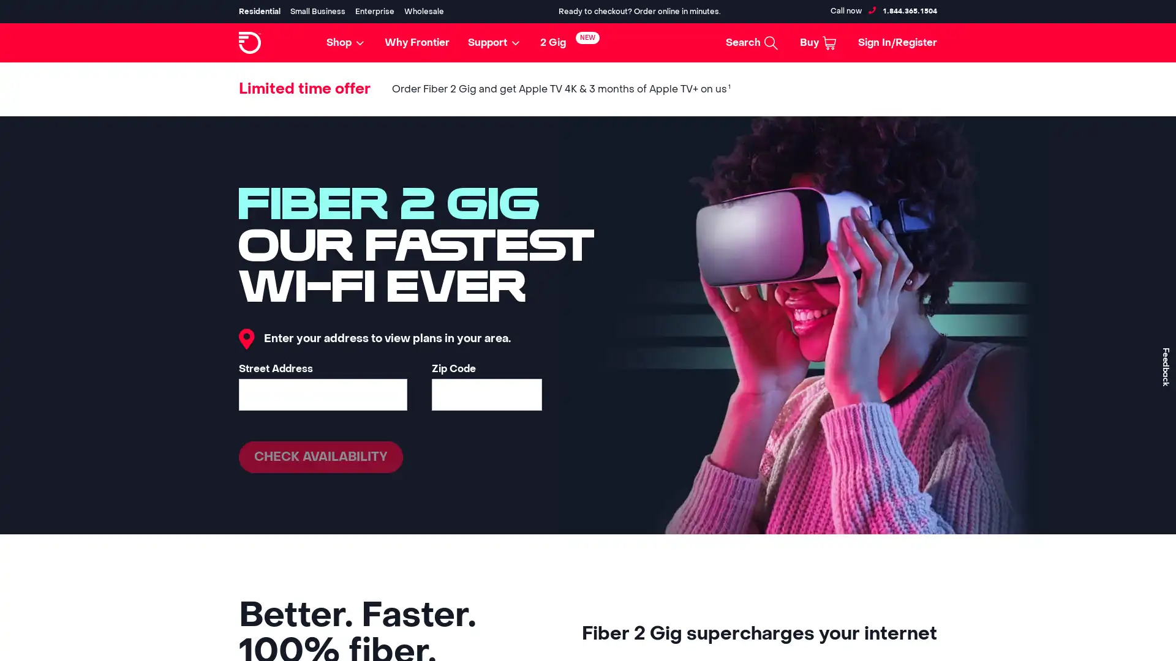 The image size is (1176, 661). What do you see at coordinates (320, 457) in the screenshot?
I see `CHECK AVAILABILITY` at bounding box center [320, 457].